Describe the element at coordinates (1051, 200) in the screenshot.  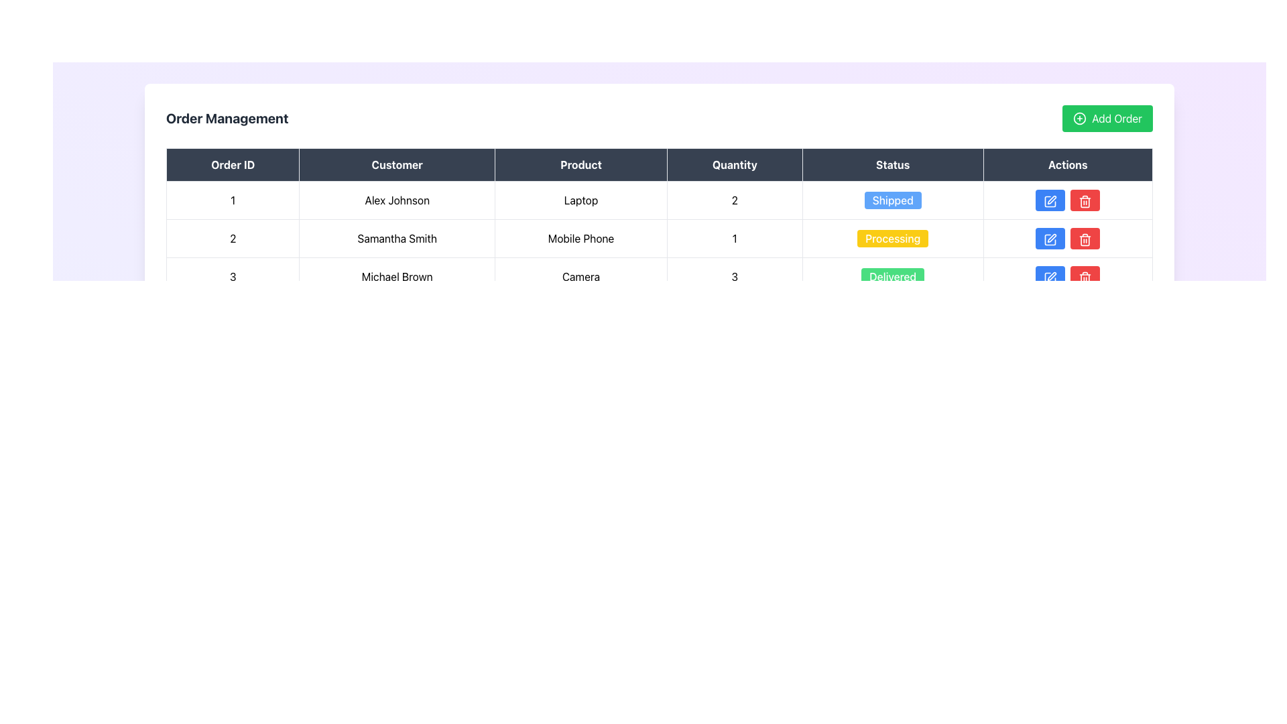
I see `the 'Edit' button icon in the Actions column for the second row, which corresponds to the order information for 'Samantha Smith' and the product 'Mobile Phone', to initiate edit mode for the associated row` at that location.